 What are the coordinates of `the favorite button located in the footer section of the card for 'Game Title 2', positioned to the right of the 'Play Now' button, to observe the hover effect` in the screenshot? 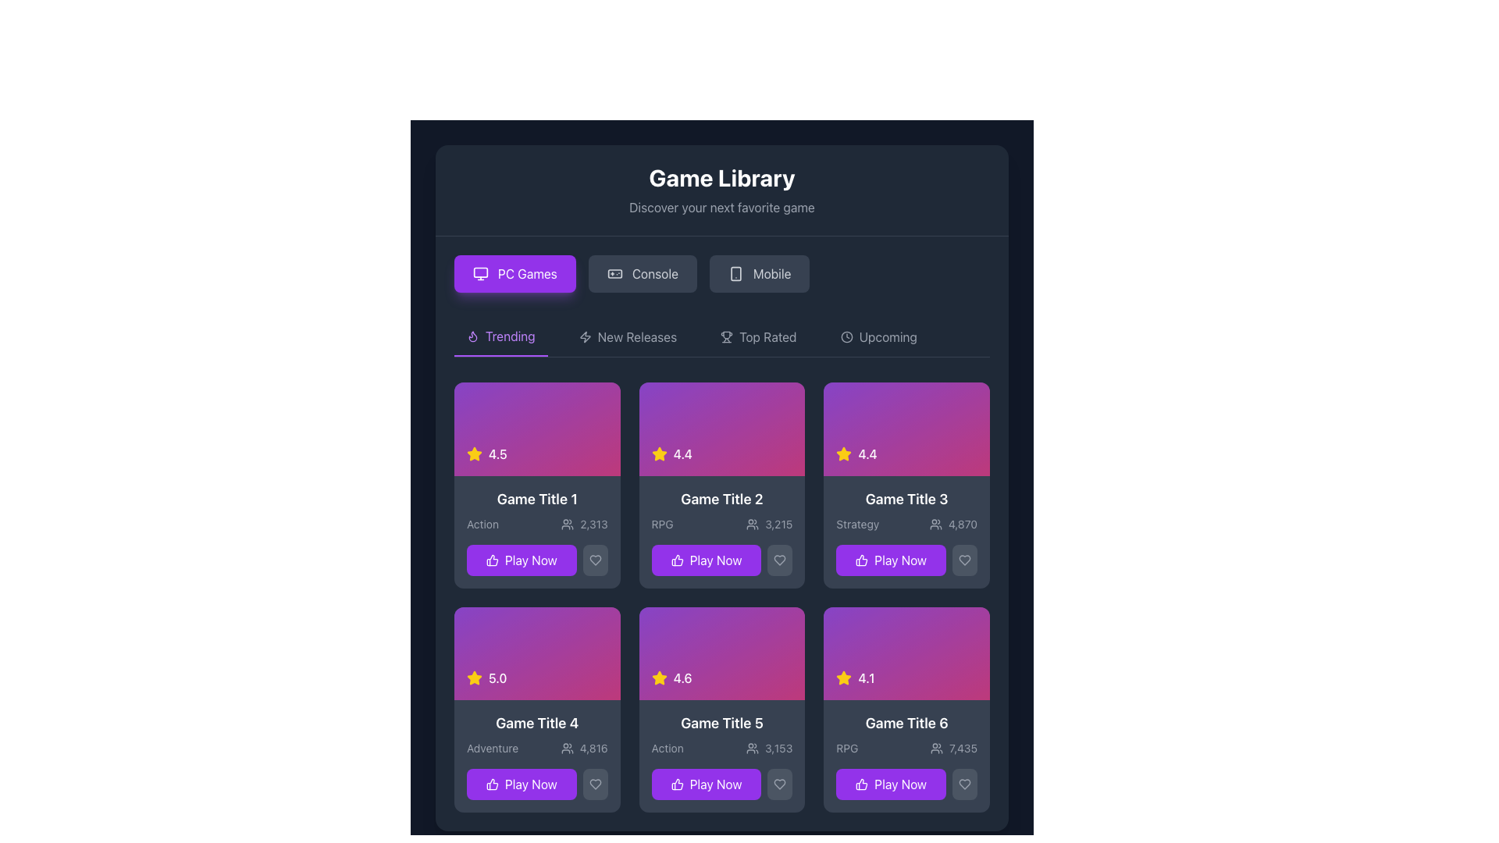 It's located at (780, 559).